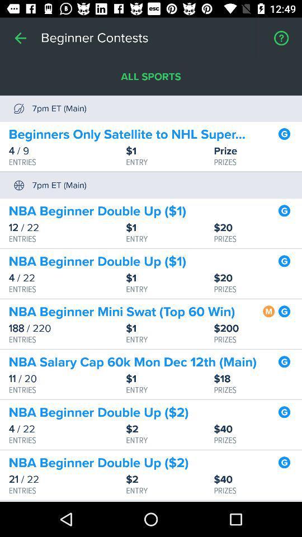  What do you see at coordinates (67, 379) in the screenshot?
I see `11 / 20 item` at bounding box center [67, 379].